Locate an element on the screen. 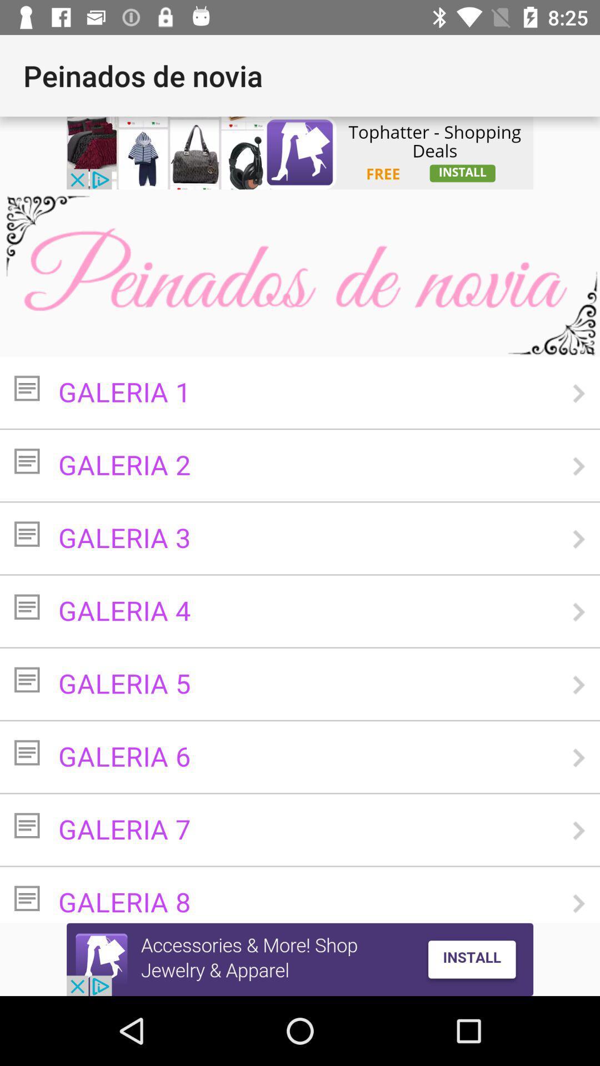 Image resolution: width=600 pixels, height=1066 pixels. click the tophatter advertisement is located at coordinates (300, 152).